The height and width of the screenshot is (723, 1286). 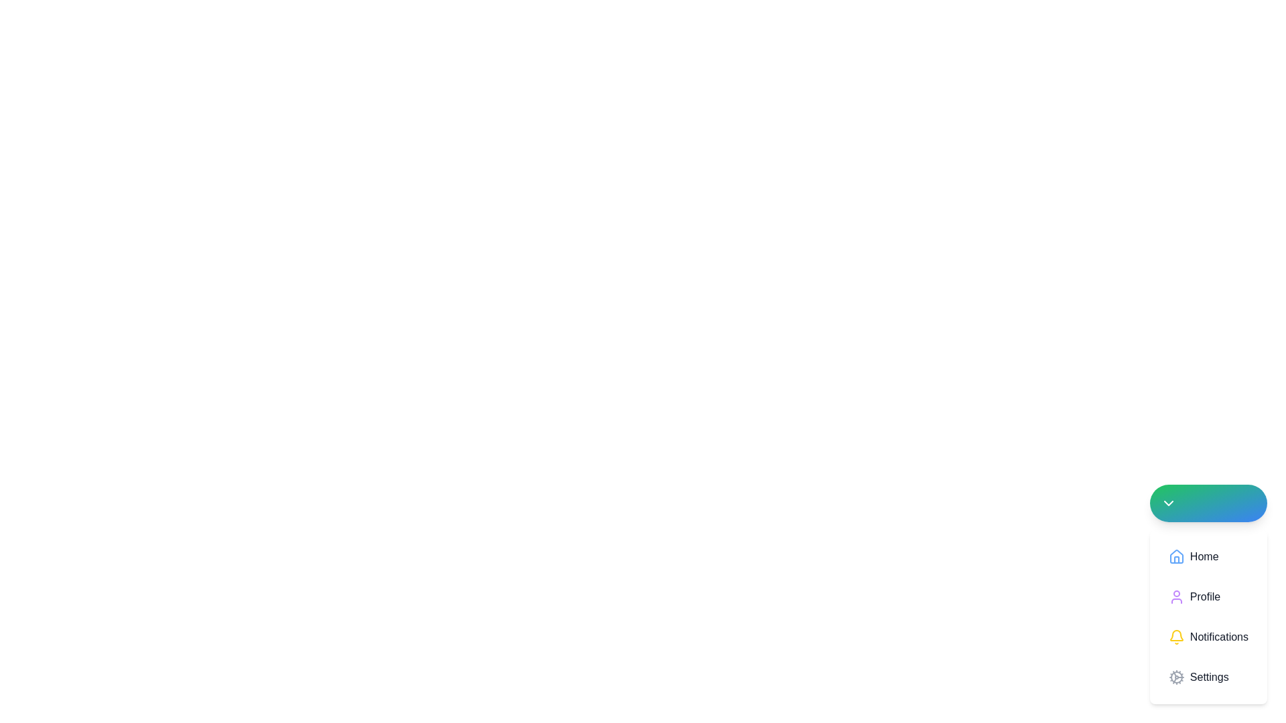 What do you see at coordinates (1175, 677) in the screenshot?
I see `the cogwheel icon located to the left of the 'Settings' menu item in the dropdown menu for potential interaction feedback` at bounding box center [1175, 677].